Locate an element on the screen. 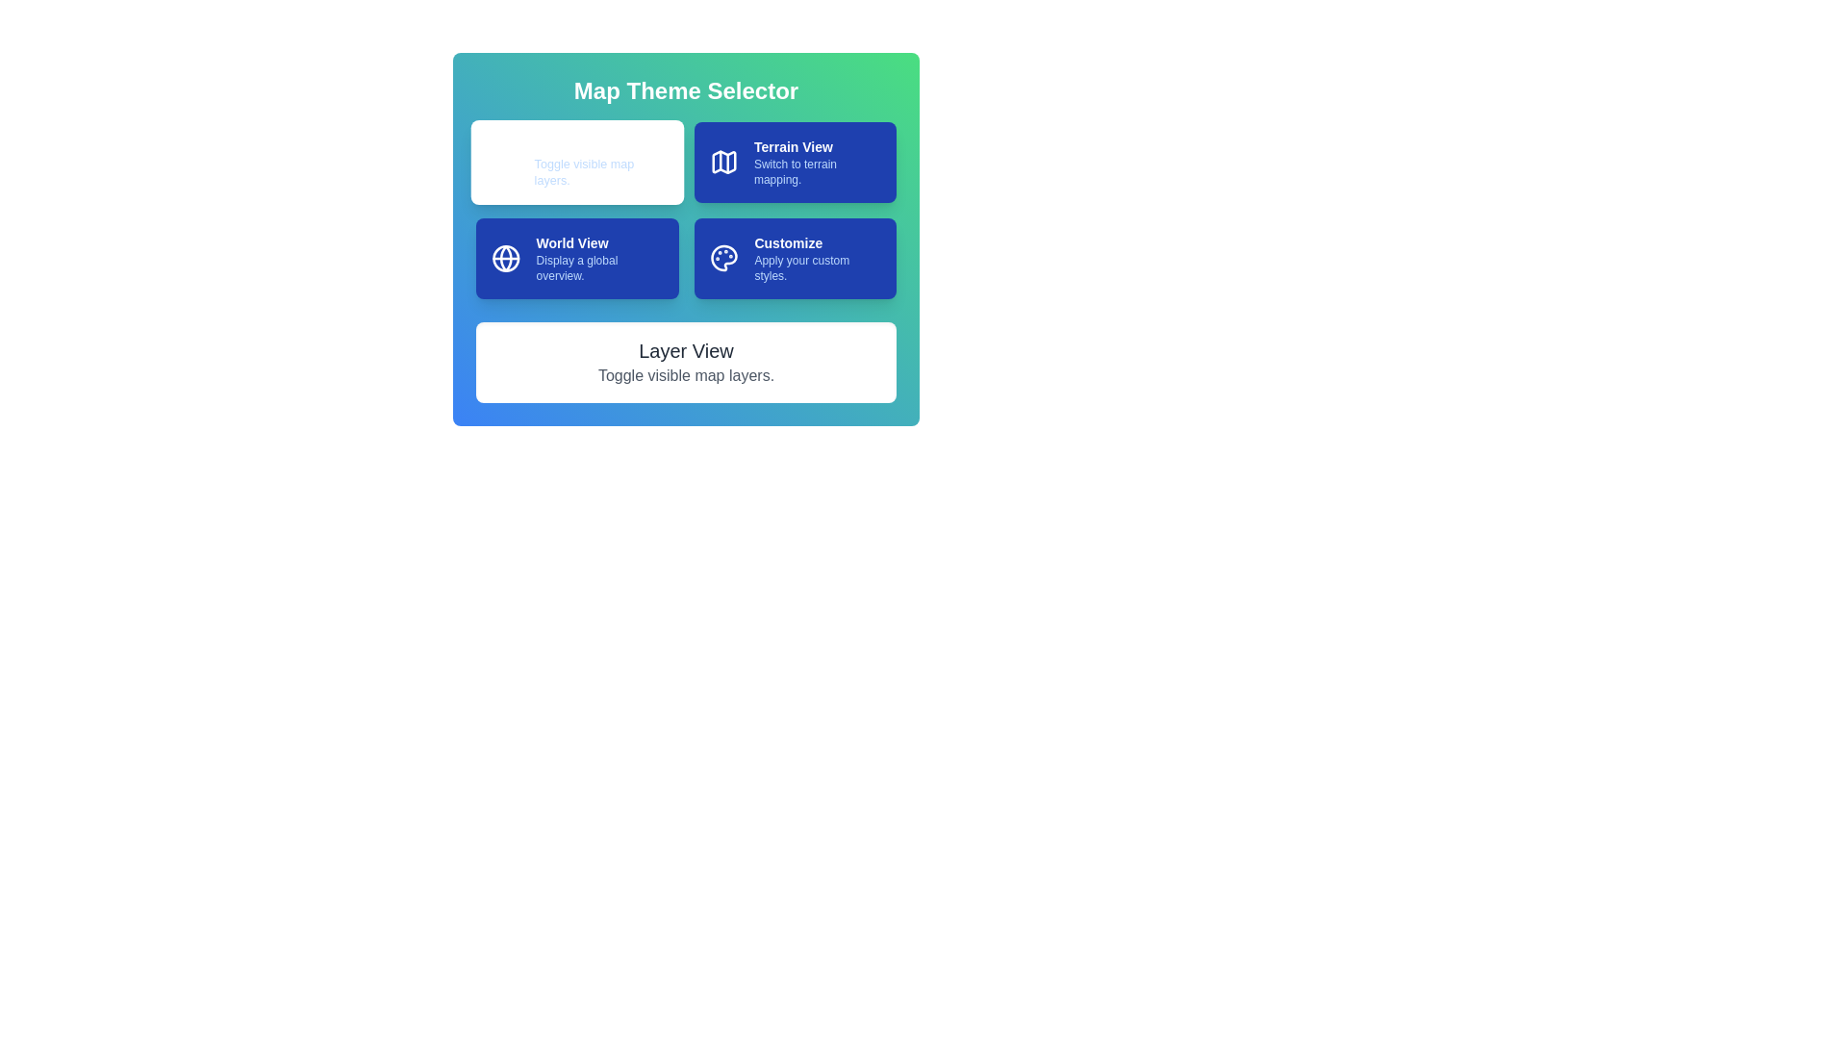 The width and height of the screenshot is (1847, 1039). the 'World View' button in the 'Map Theme Selector' section is located at coordinates (576, 258).